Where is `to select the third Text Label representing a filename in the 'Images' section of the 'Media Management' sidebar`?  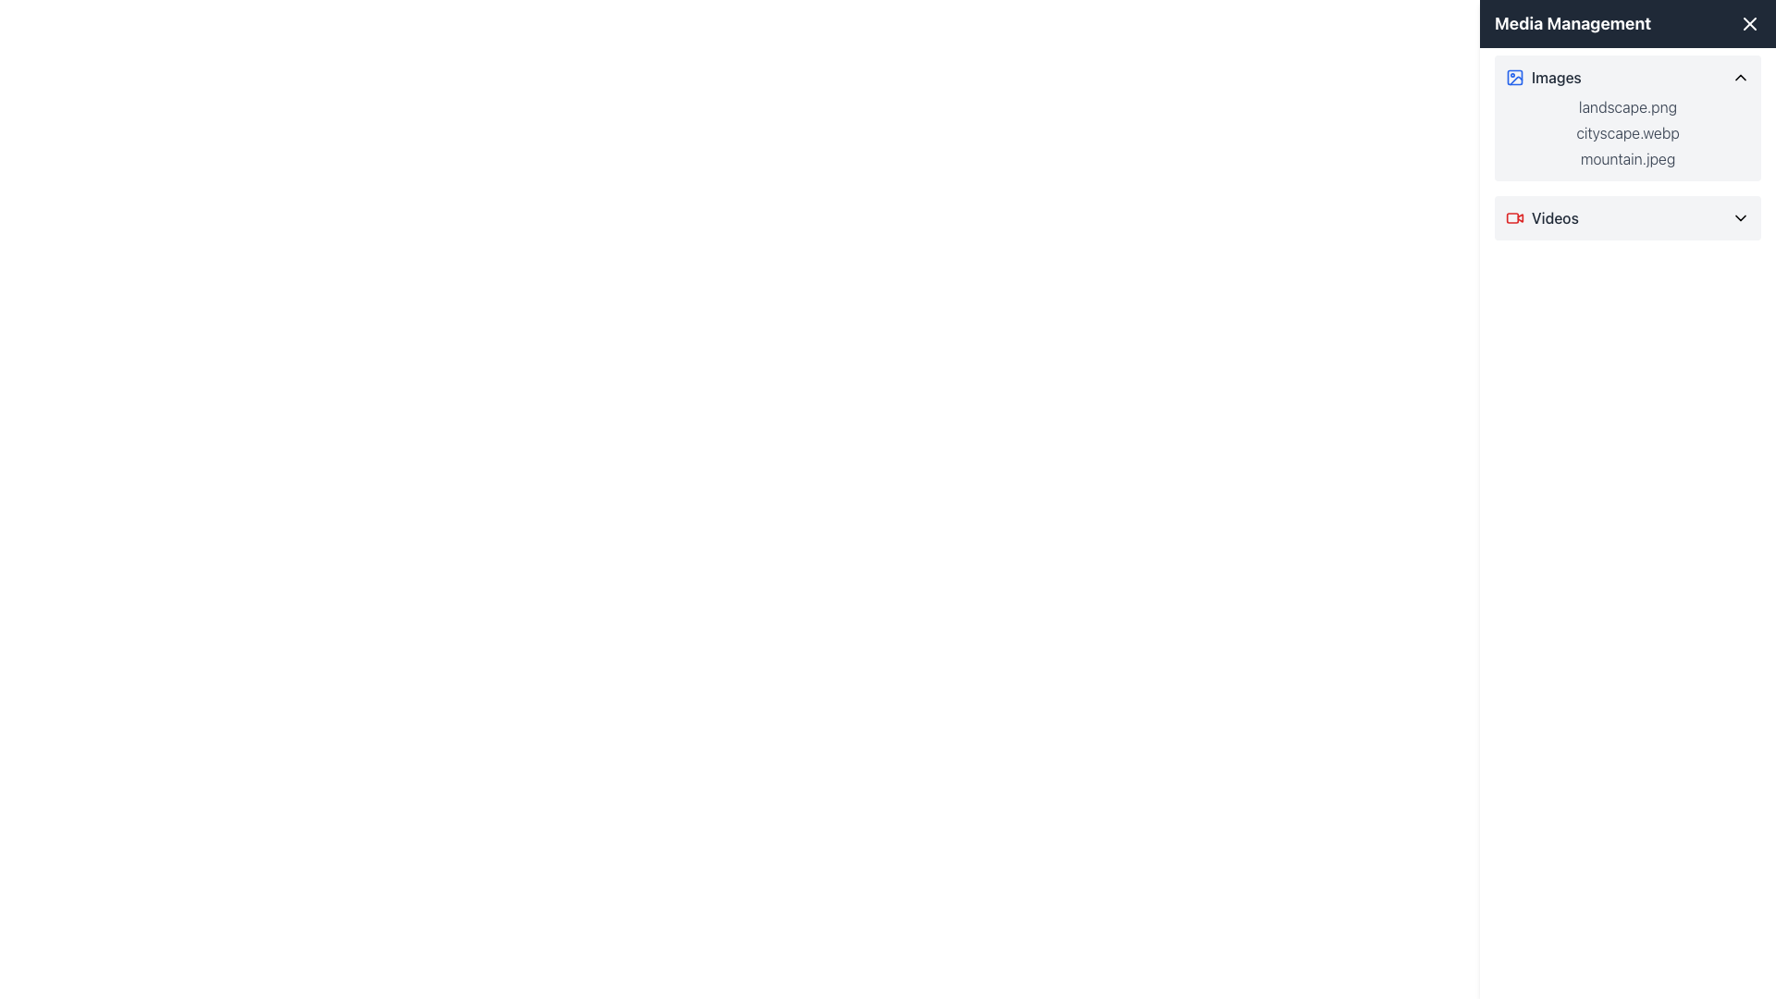 to select the third Text Label representing a filename in the 'Images' section of the 'Media Management' sidebar is located at coordinates (1628, 158).